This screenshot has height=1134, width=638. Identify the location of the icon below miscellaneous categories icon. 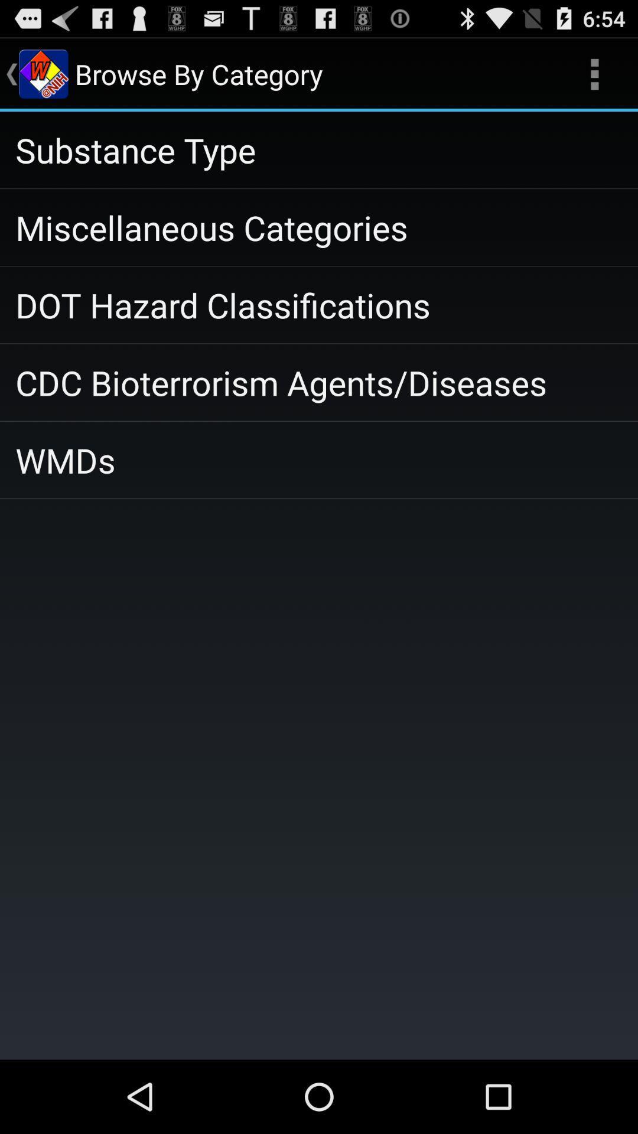
(319, 305).